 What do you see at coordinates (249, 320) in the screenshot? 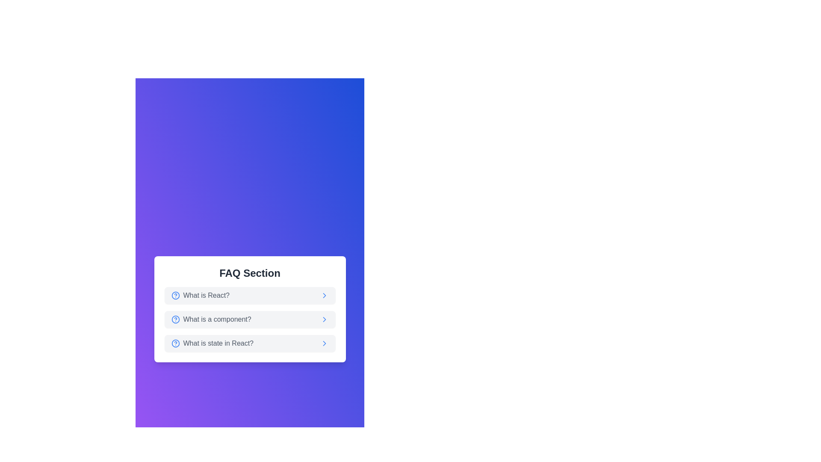
I see `the composite UI element labeled 'What is a component?' which includes a left-aligned question mark icon and a right-aligned chevron icon` at bounding box center [249, 320].